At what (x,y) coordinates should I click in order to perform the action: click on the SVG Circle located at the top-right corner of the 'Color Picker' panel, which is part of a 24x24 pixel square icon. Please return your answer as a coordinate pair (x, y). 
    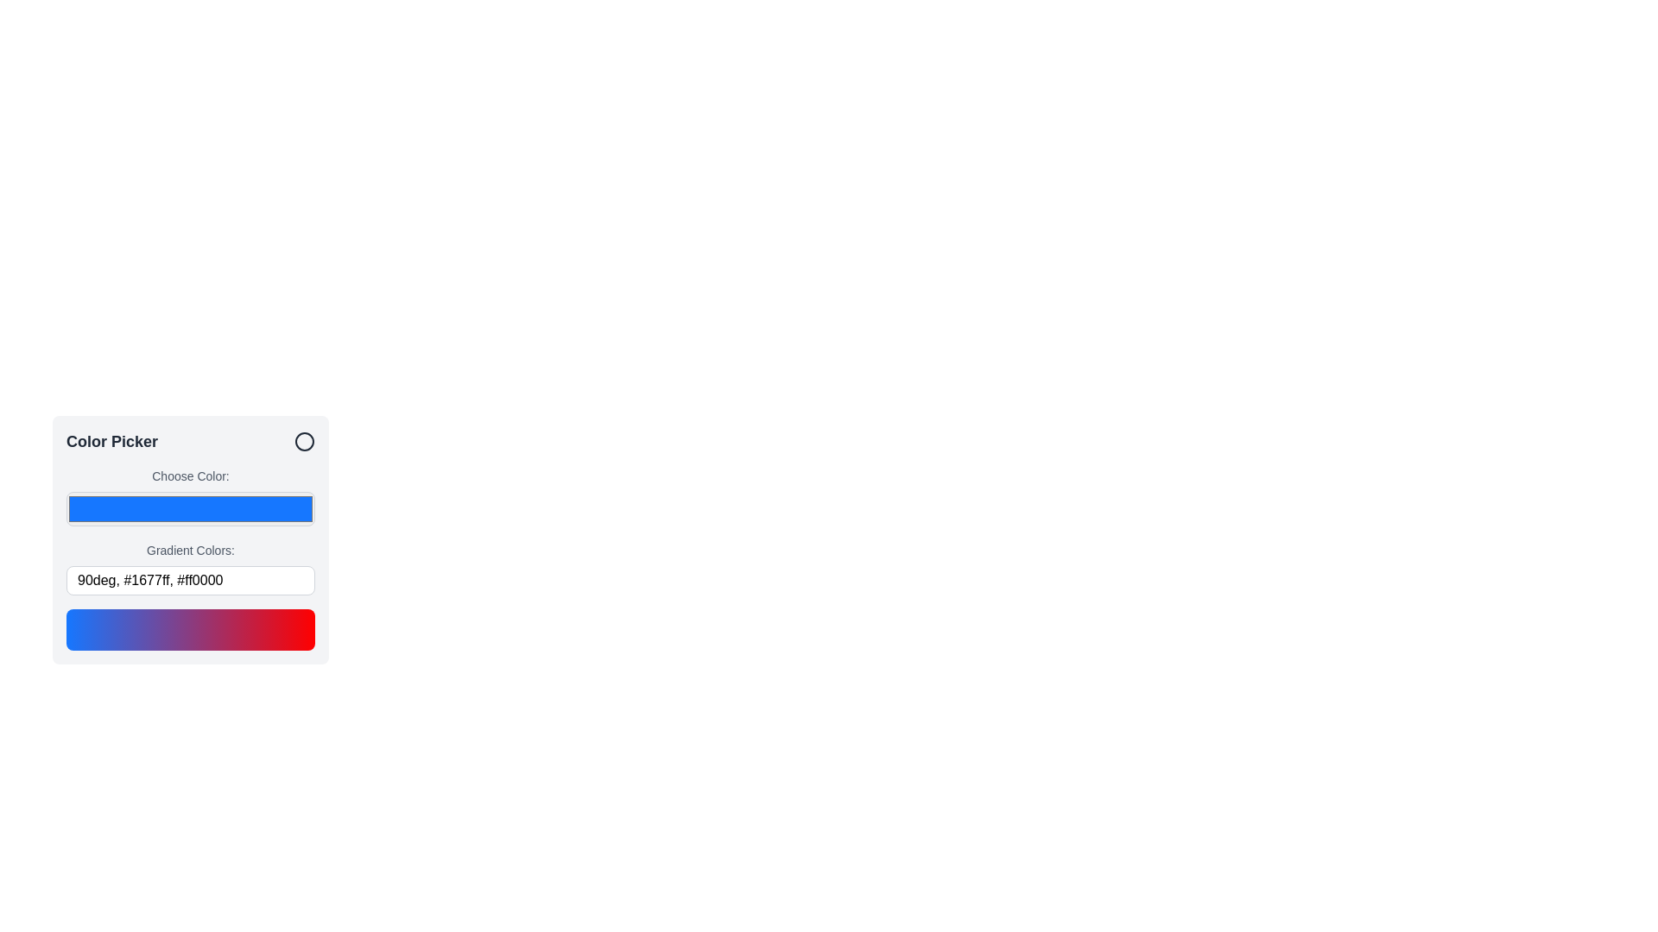
    Looking at the image, I should click on (305, 441).